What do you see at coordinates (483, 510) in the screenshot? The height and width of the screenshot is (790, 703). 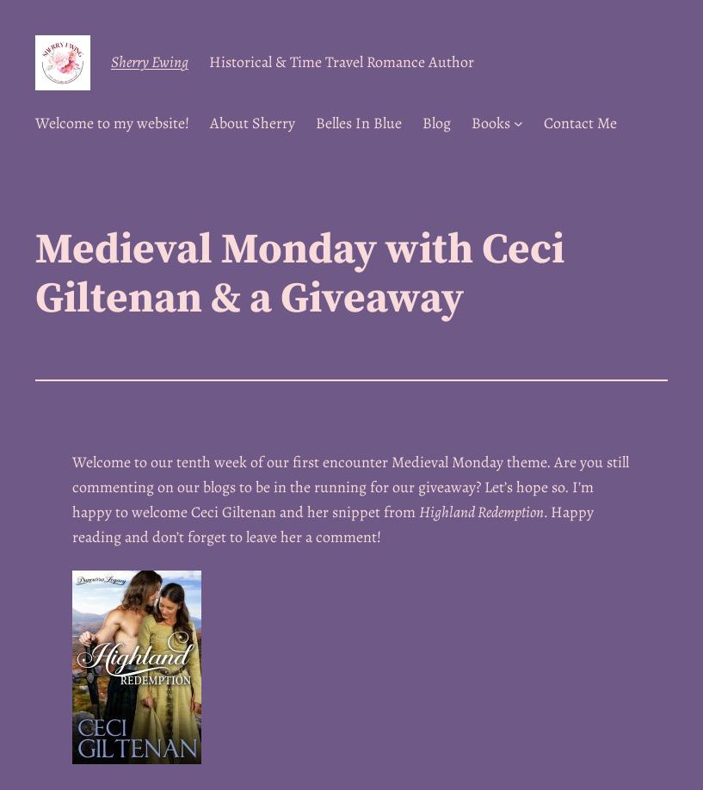 I see `'Highland Redemption.'` at bounding box center [483, 510].